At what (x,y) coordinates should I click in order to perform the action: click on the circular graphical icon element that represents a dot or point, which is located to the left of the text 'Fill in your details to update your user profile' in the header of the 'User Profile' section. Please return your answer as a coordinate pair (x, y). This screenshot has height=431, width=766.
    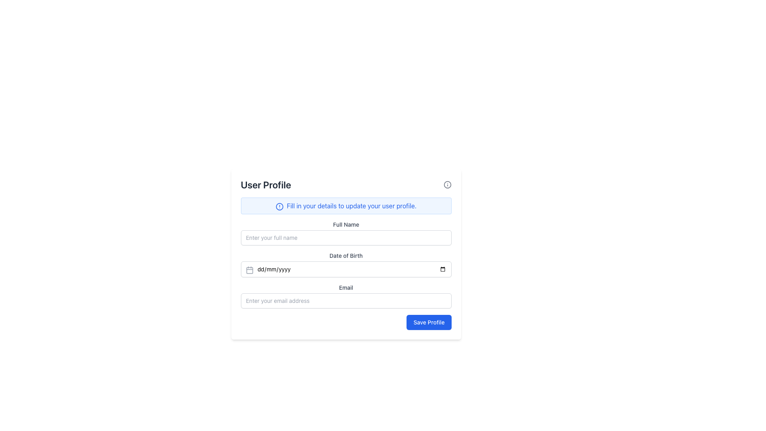
    Looking at the image, I should click on (279, 206).